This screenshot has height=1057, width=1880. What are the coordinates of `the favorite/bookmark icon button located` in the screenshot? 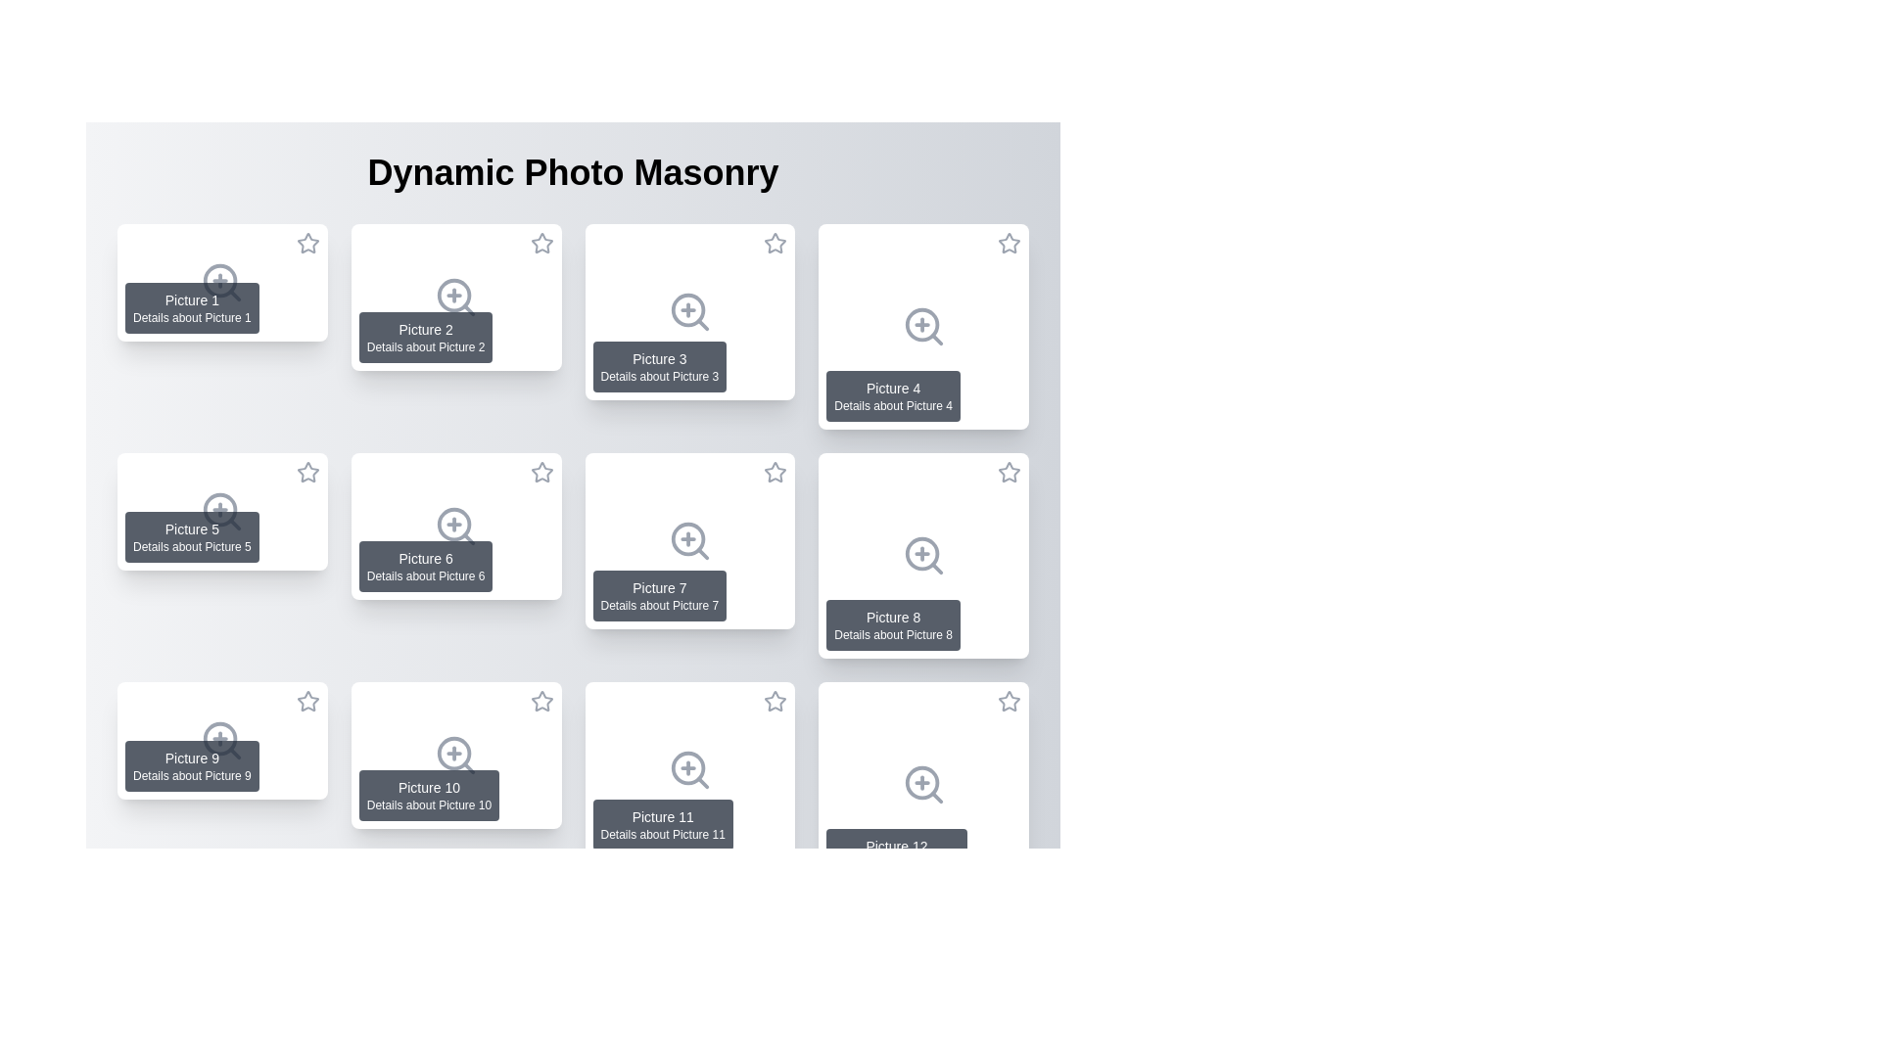 It's located at (541, 705).